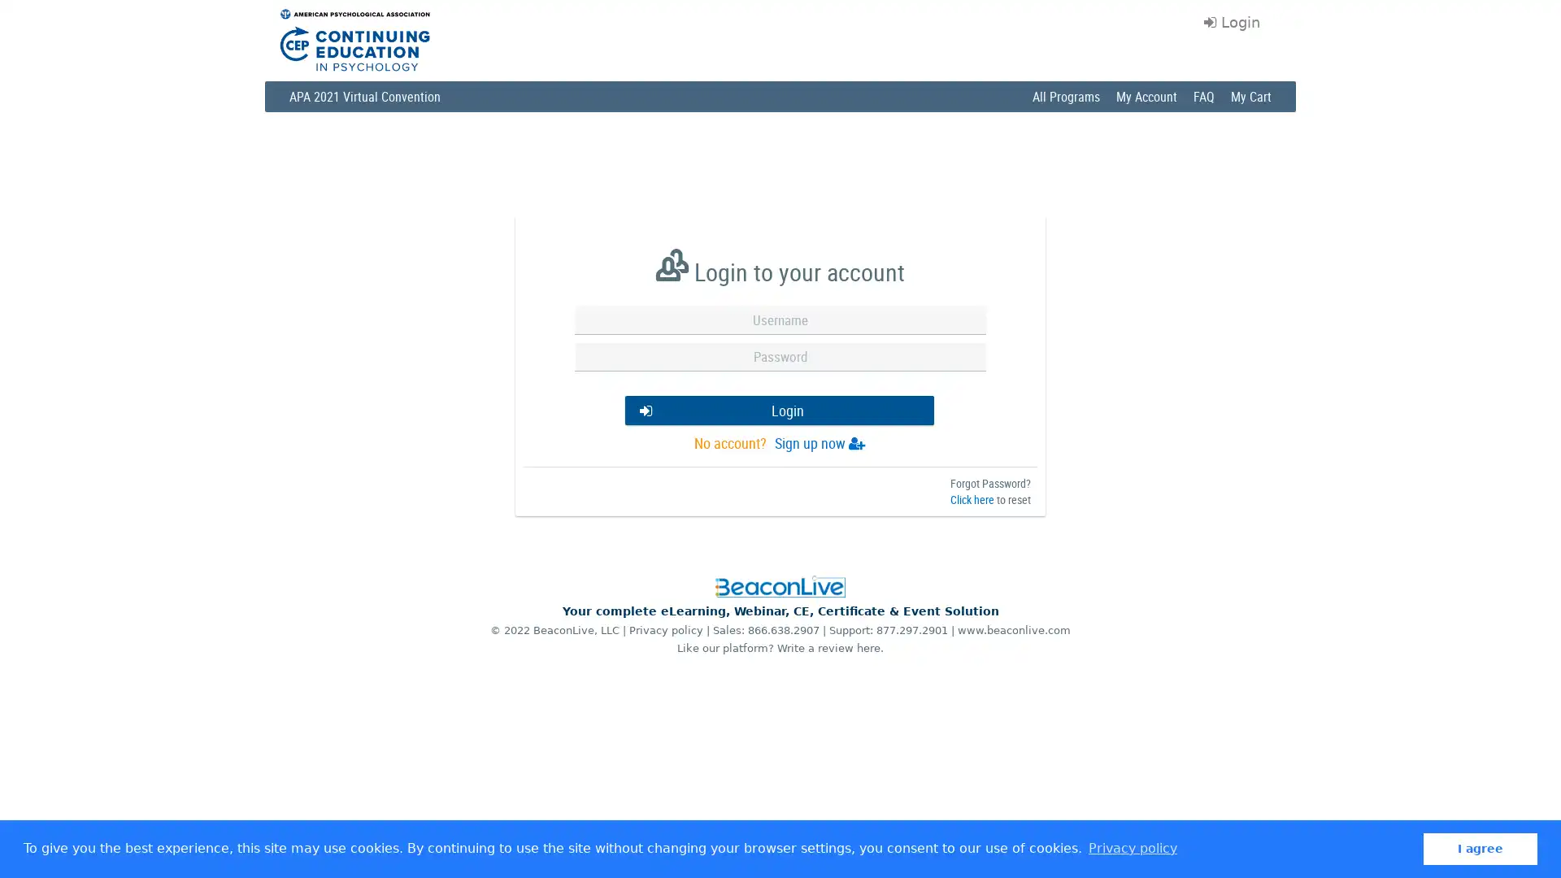 The height and width of the screenshot is (878, 1561). What do you see at coordinates (778, 412) in the screenshot?
I see `Login` at bounding box center [778, 412].